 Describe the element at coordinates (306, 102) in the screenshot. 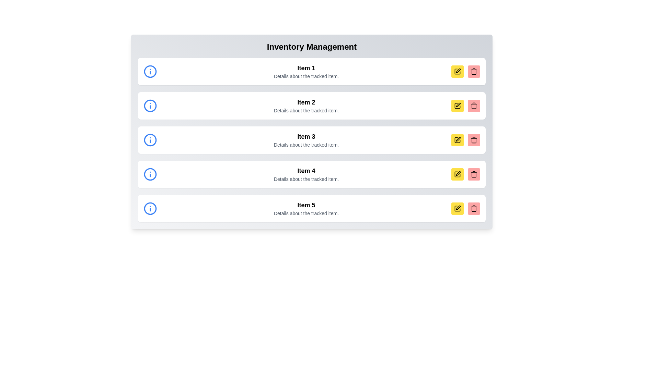

I see `the text label identifying the second inventory item in the vertical list of tracked inventory items, which is located adjacent to the 'info' icon on the left and 'edit' and 'delete' buttons on the right` at that location.